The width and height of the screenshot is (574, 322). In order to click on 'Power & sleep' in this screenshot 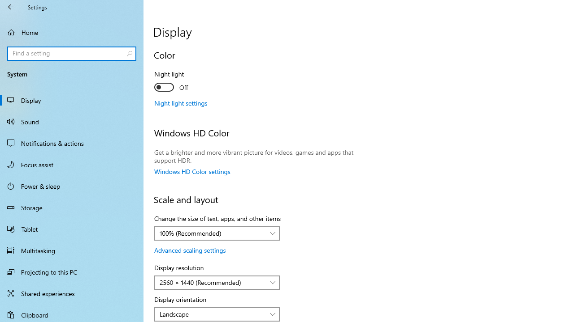, I will do `click(72, 185)`.